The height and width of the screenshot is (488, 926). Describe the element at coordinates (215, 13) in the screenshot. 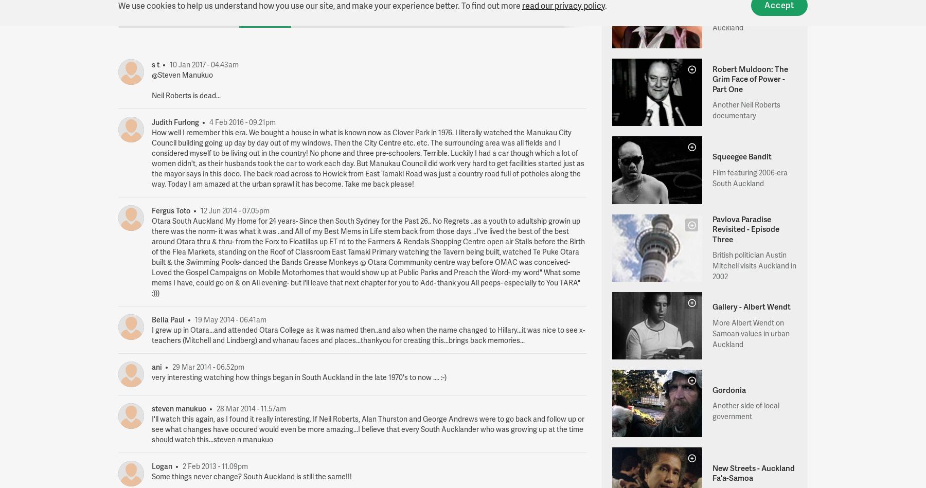

I see `'Quotes'` at that location.